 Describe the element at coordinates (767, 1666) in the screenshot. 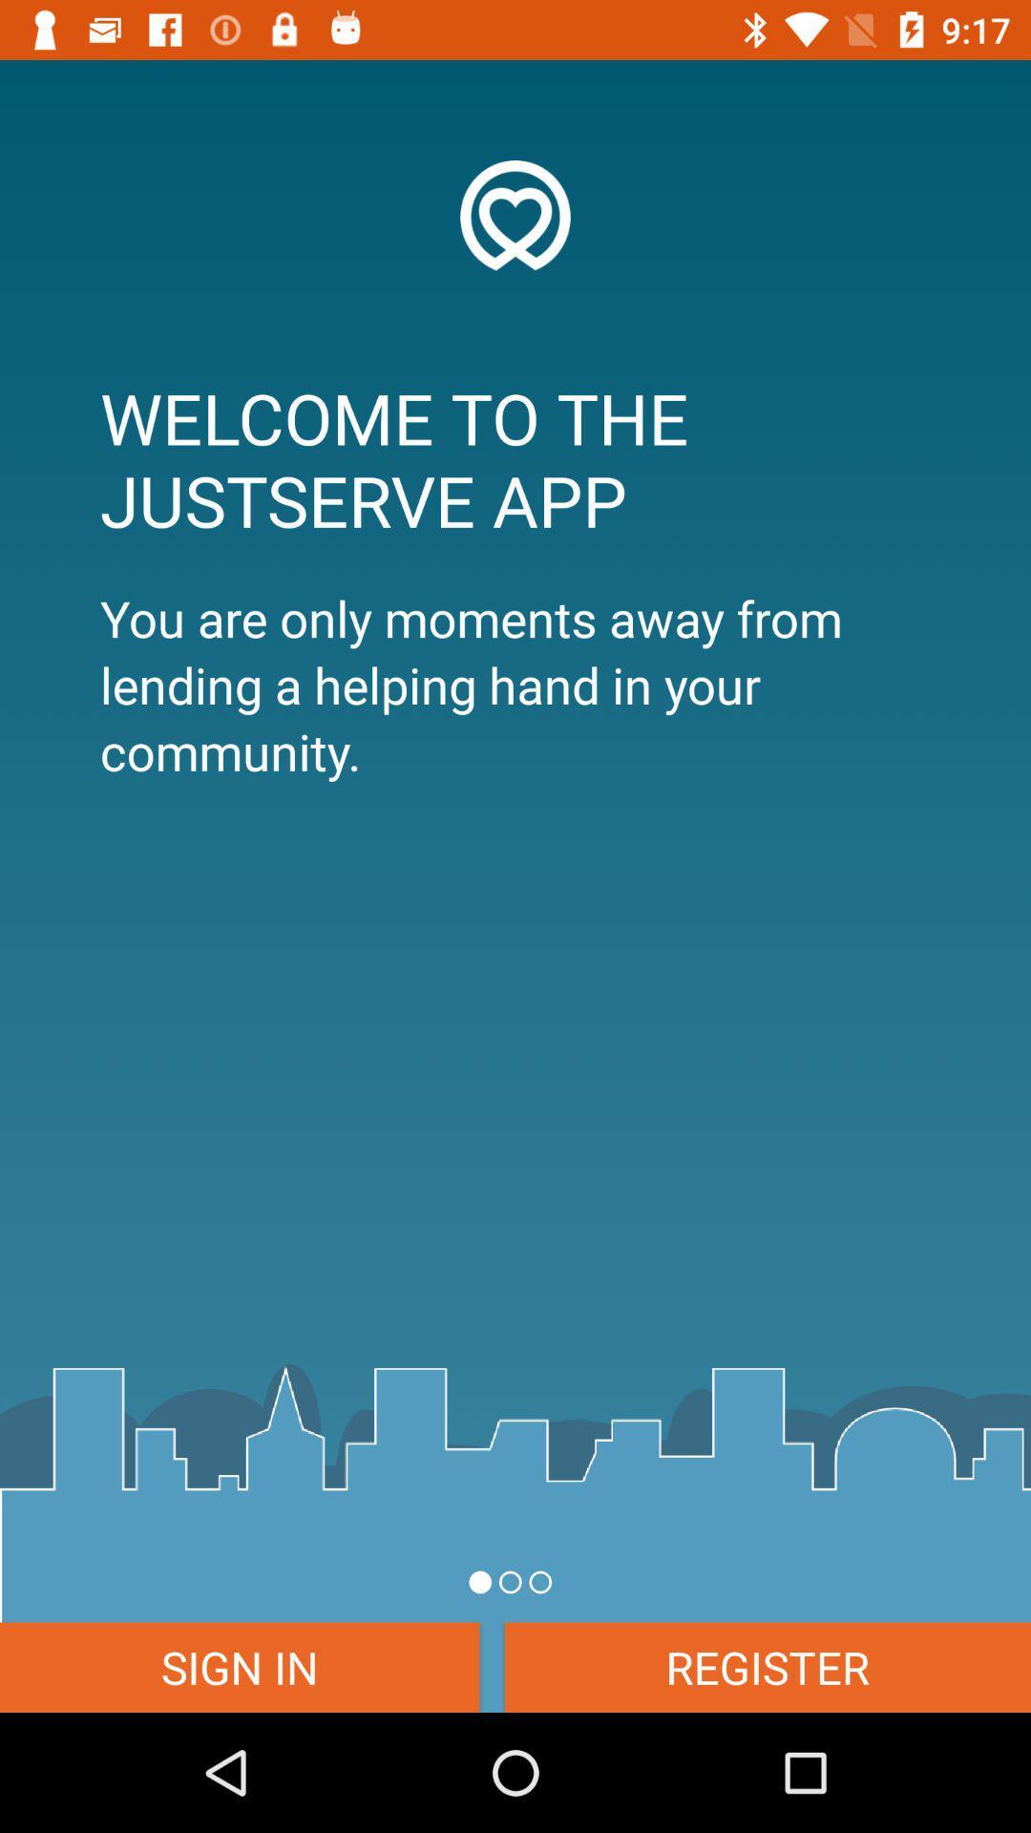

I see `the item to the right of the sign in item` at that location.